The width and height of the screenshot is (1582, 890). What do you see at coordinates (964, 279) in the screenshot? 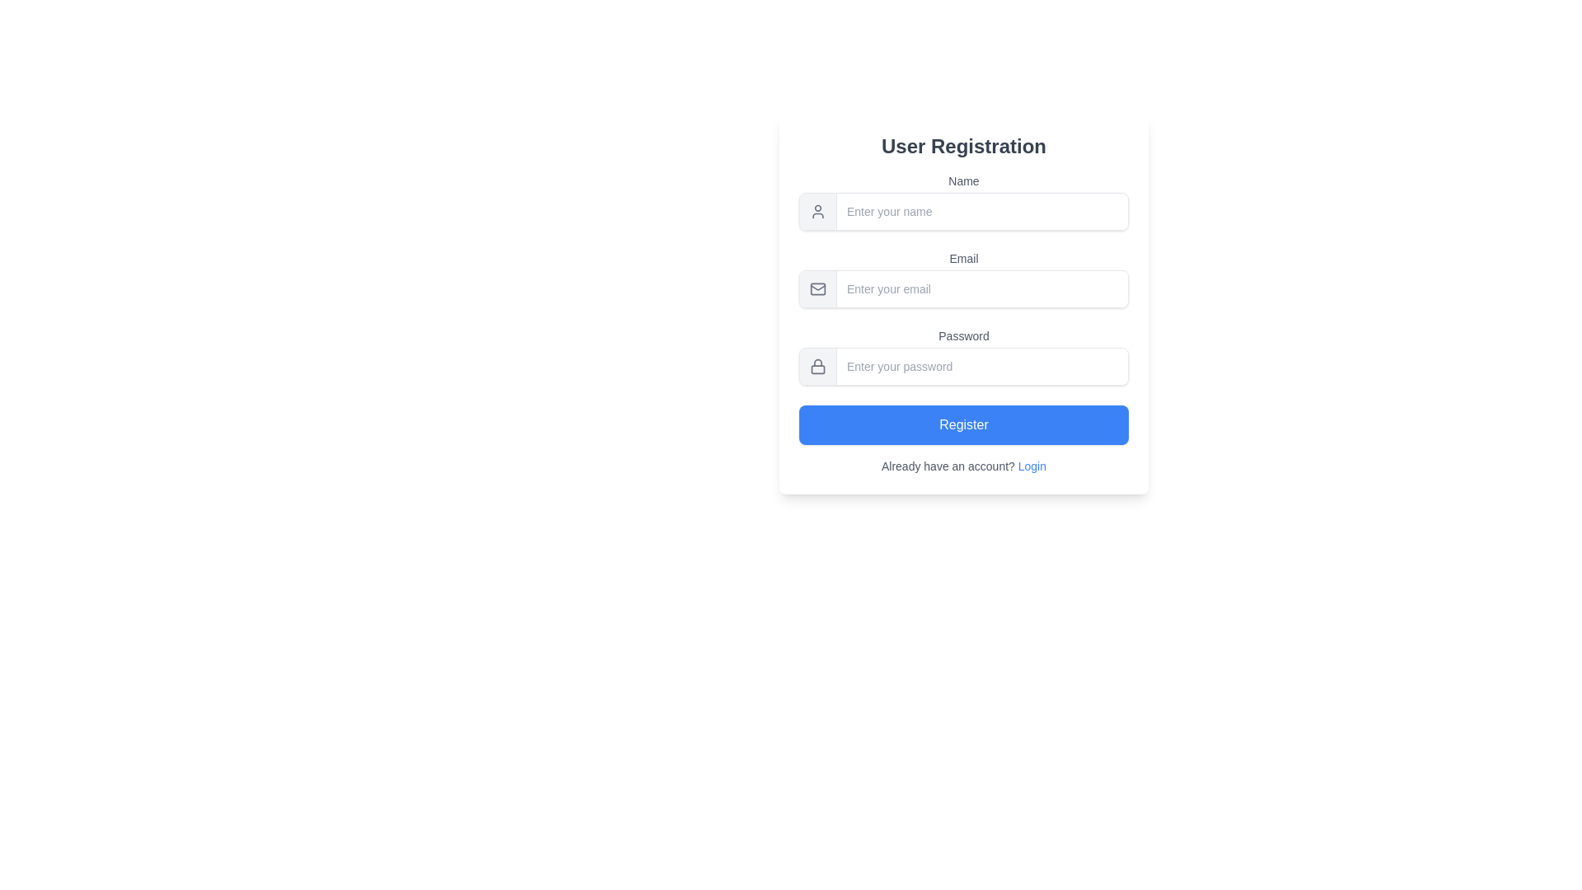
I see `the email input field located below the 'Name' input field and above the 'Password' input field to focus on it` at bounding box center [964, 279].